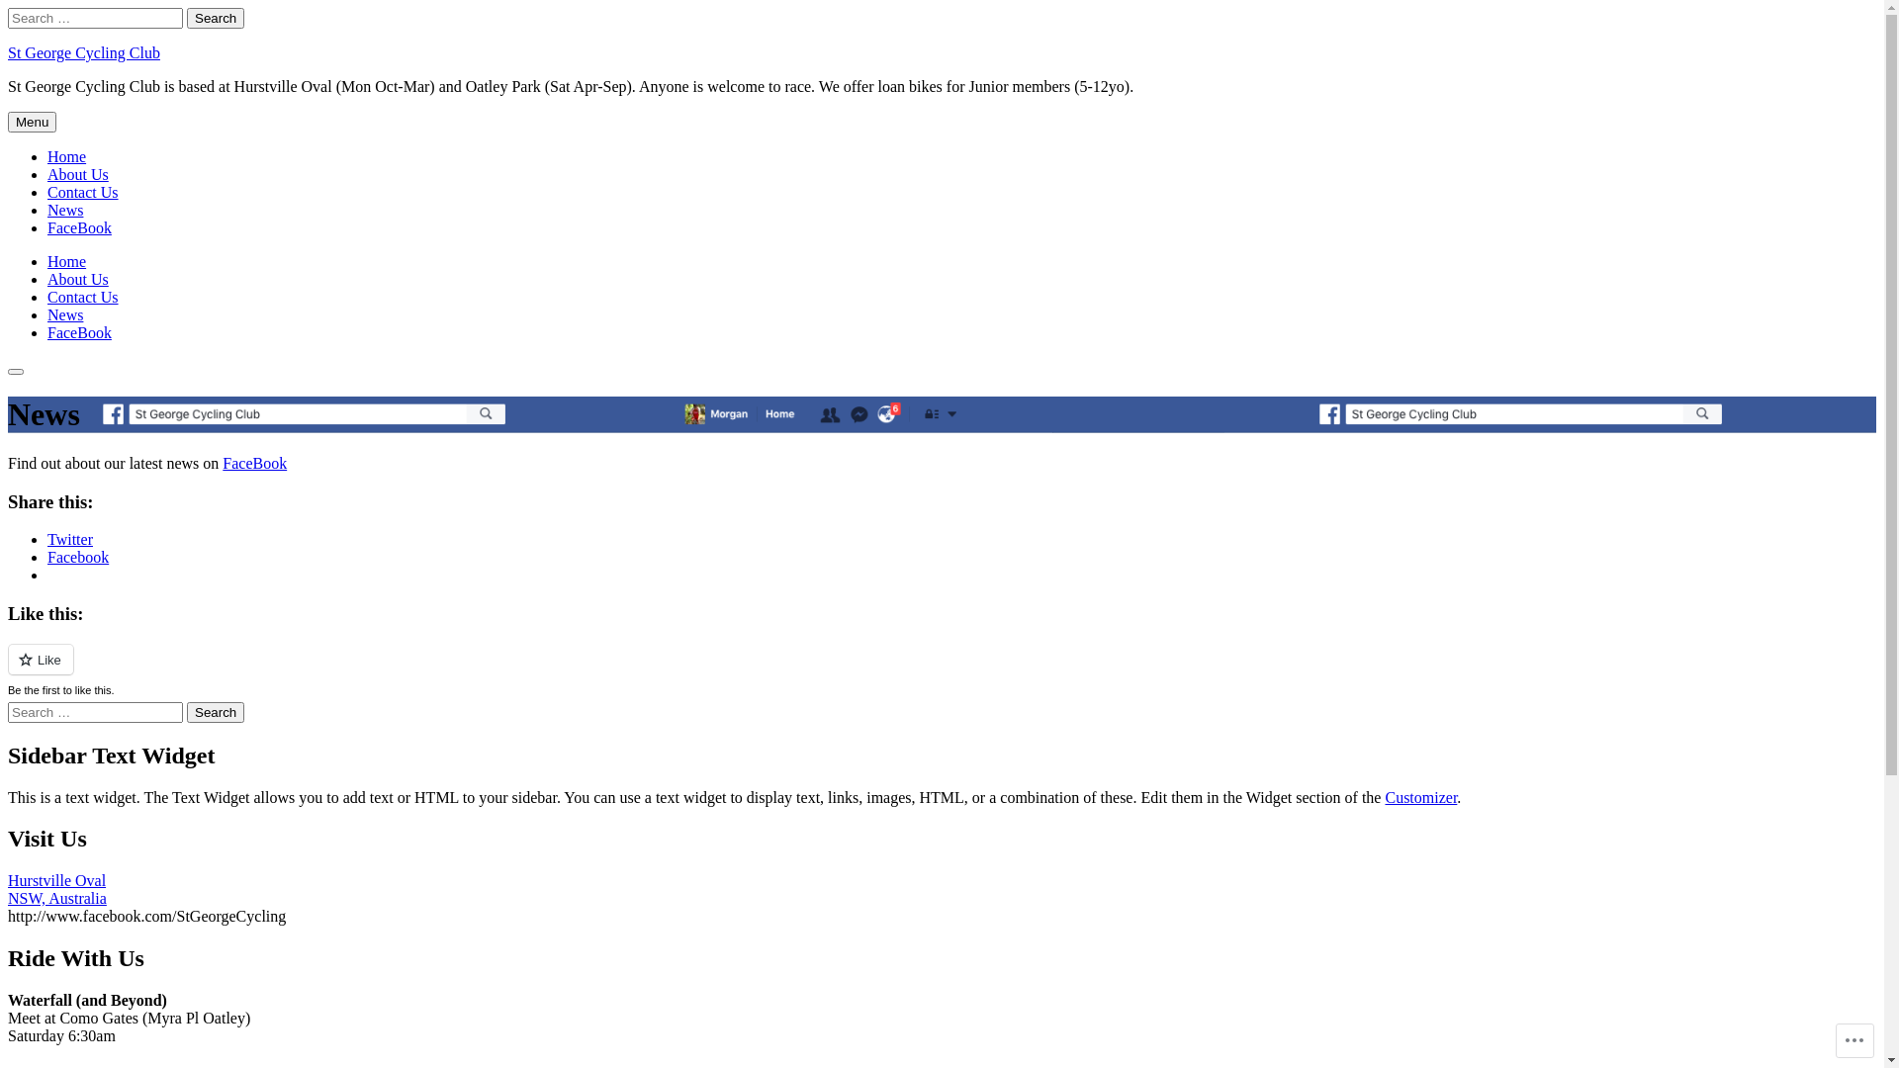 The height and width of the screenshot is (1068, 1899). I want to click on 'Menu', so click(32, 122).